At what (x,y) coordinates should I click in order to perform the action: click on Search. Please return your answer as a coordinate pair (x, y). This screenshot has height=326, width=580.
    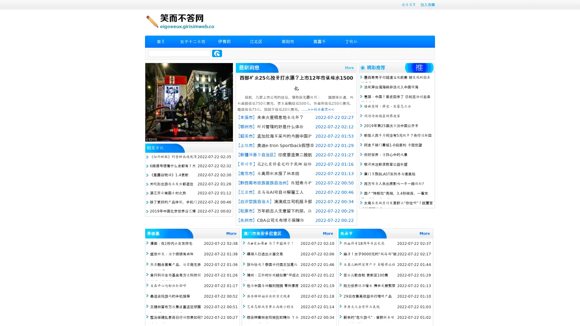
    Looking at the image, I should click on (217, 53).